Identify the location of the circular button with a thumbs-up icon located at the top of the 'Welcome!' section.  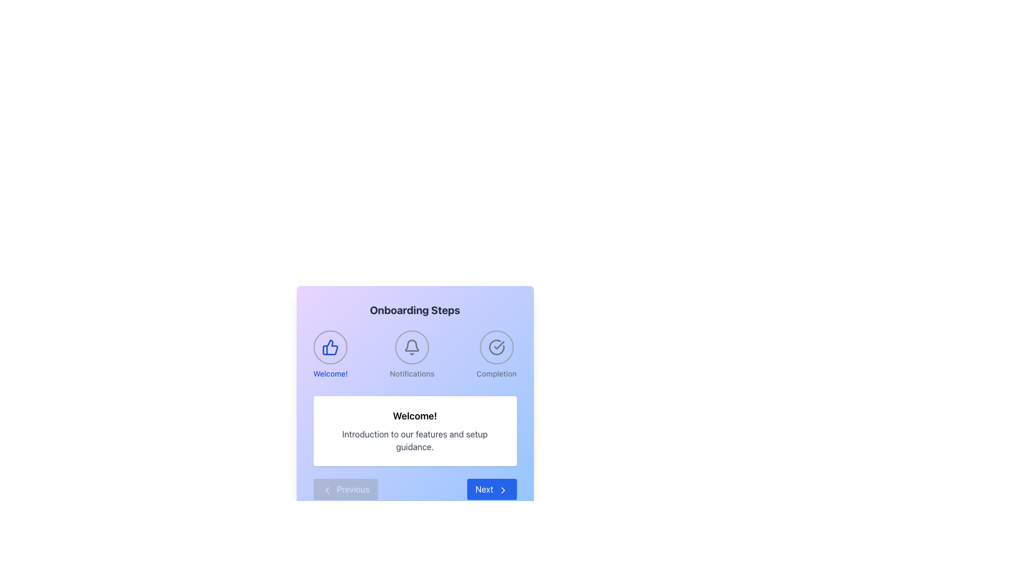
(330, 347).